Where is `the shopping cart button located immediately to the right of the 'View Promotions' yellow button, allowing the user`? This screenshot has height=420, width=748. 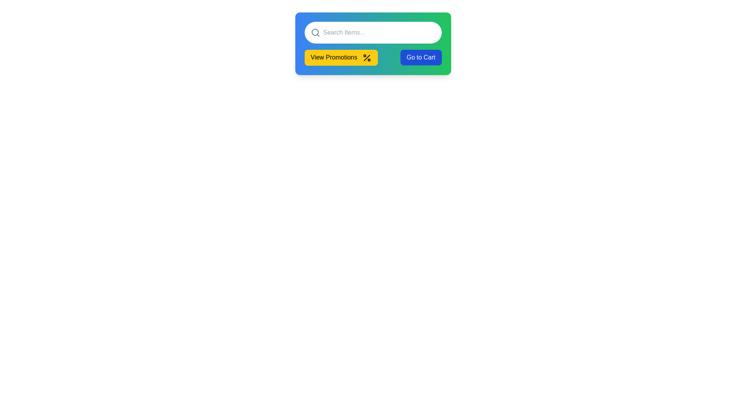 the shopping cart button located immediately to the right of the 'View Promotions' yellow button, allowing the user is located at coordinates (420, 57).